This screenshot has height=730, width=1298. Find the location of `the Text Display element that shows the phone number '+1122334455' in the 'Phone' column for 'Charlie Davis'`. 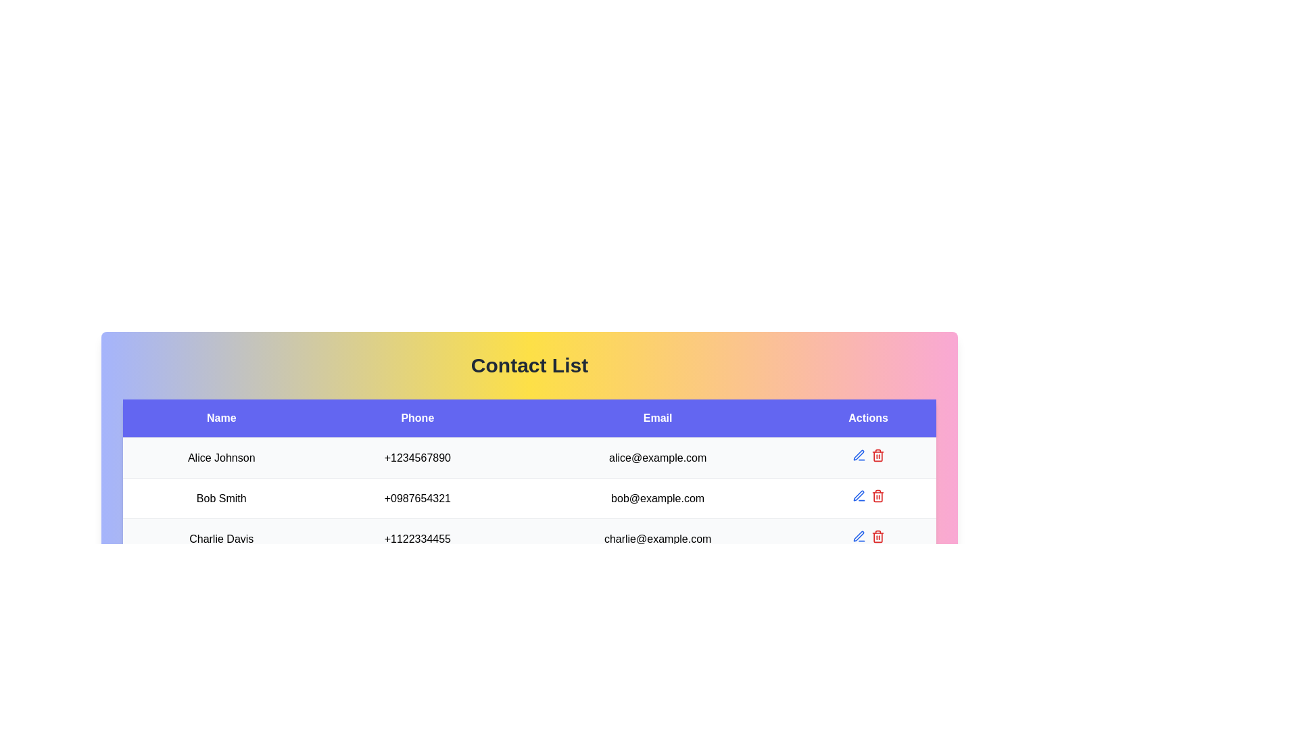

the Text Display element that shows the phone number '+1122334455' in the 'Phone' column for 'Charlie Davis' is located at coordinates (416, 538).